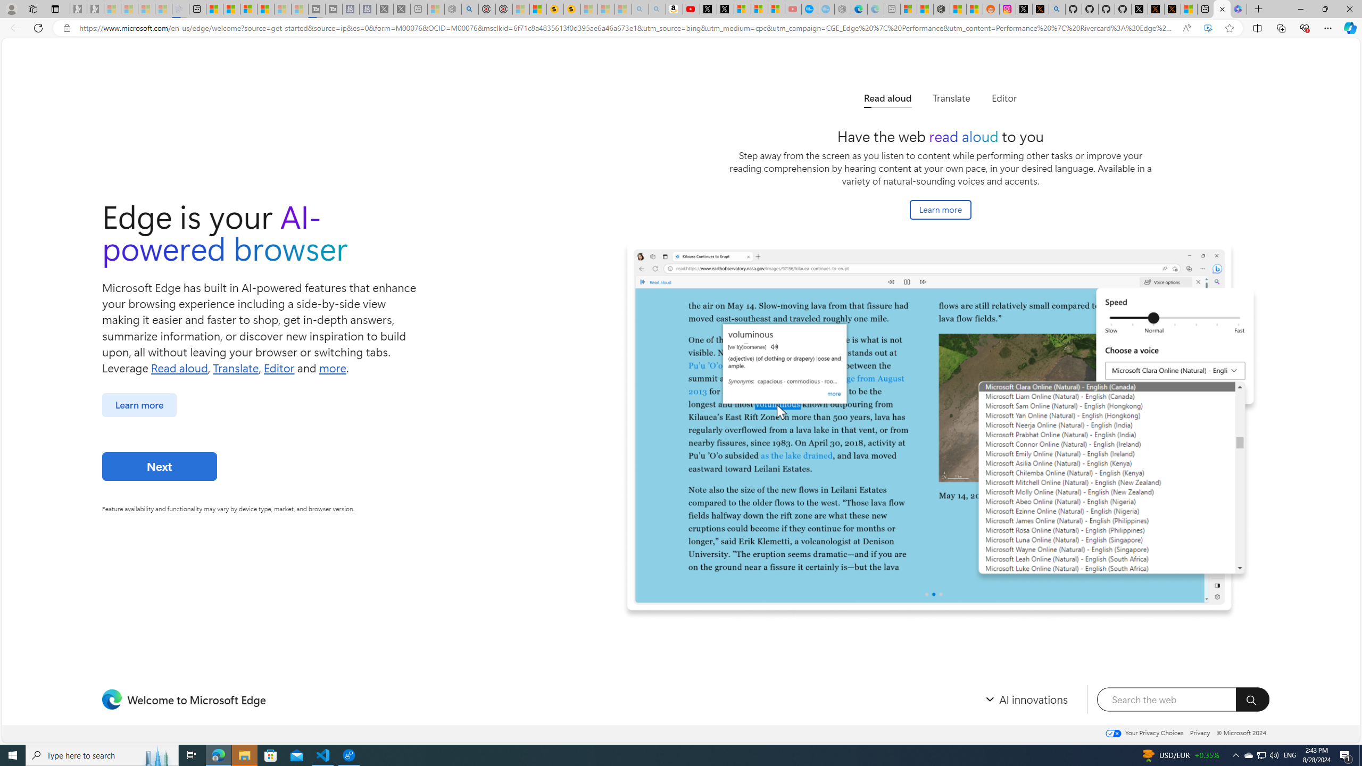 The image size is (1362, 766). I want to click on 'X - Sleeping', so click(402, 9).